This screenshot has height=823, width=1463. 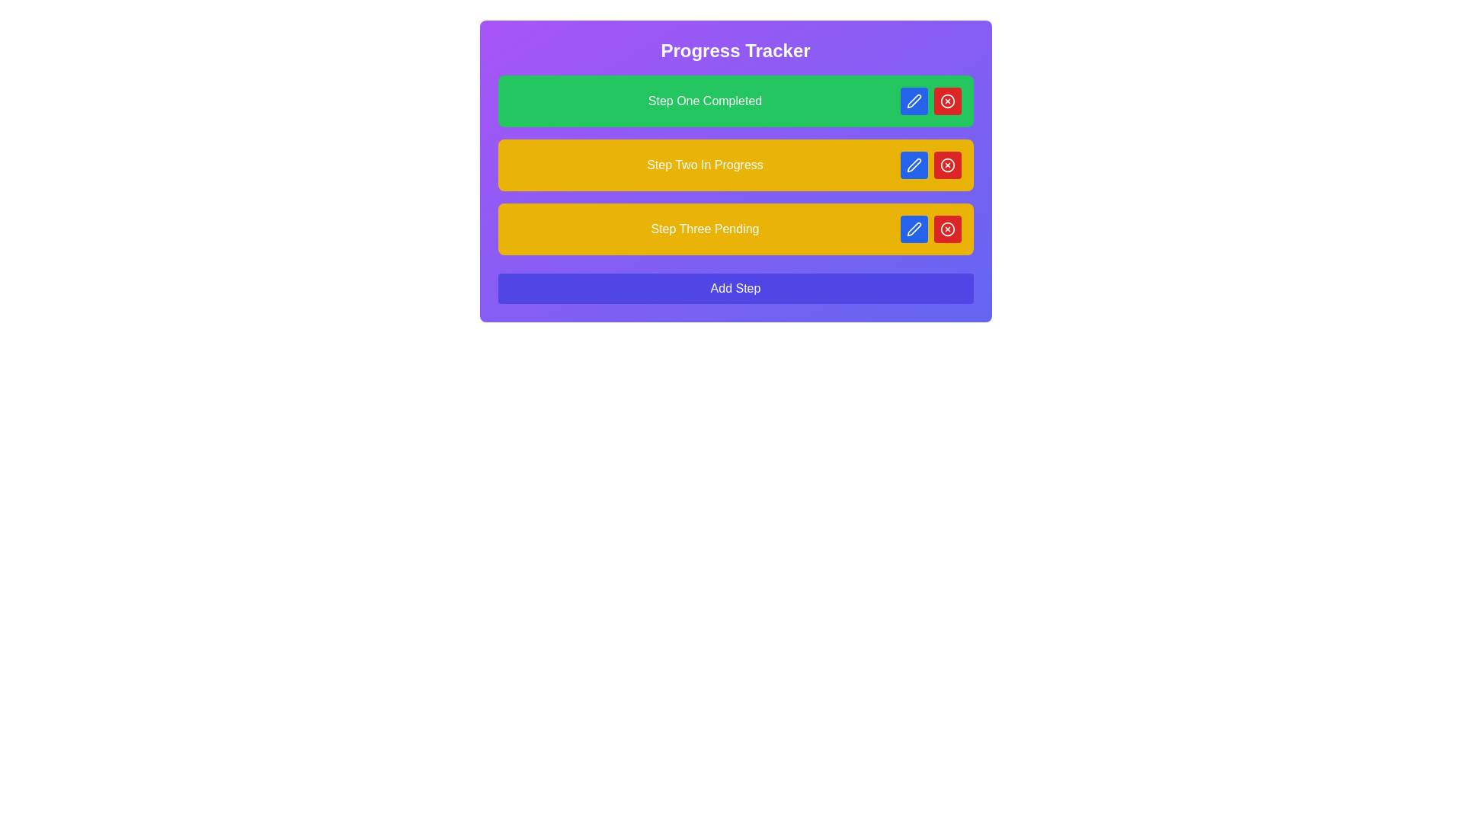 What do you see at coordinates (946, 101) in the screenshot?
I see `the delete icon button located at the right-most position of the 'Step One Completed' indicator in the progress tracker layout` at bounding box center [946, 101].